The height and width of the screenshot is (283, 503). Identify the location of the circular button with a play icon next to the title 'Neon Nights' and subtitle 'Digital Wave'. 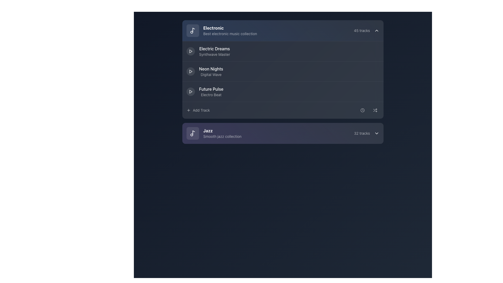
(204, 72).